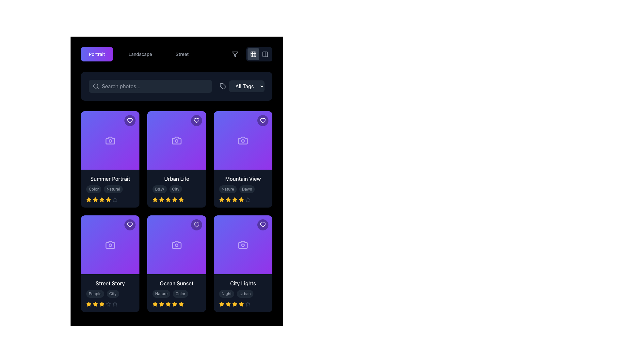 This screenshot has height=353, width=627. I want to click on text labels or tags located in the 'Summer Portrait' card, specifically the second row of text below the card title and above the star rating row, so click(110, 189).